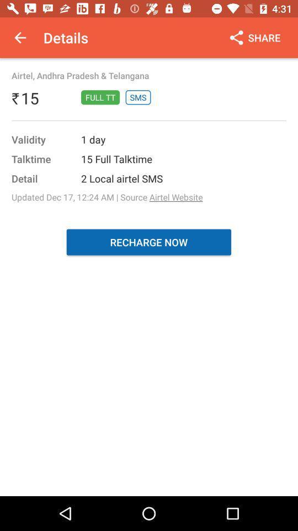  I want to click on the item above recharge now item, so click(107, 197).